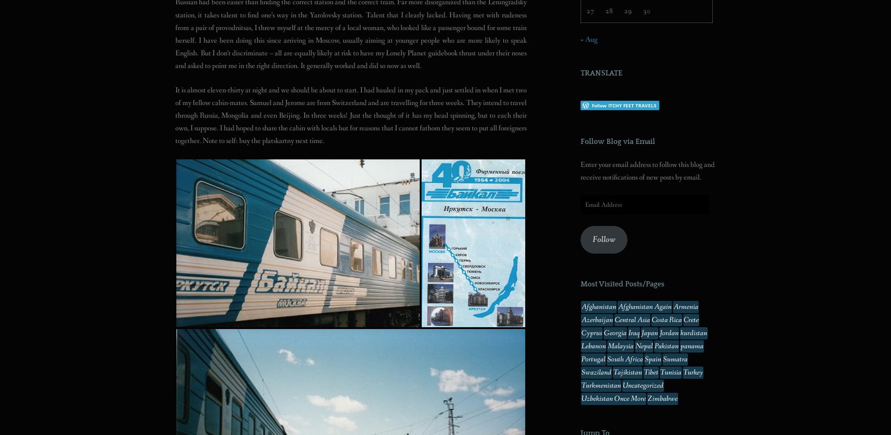 This screenshot has width=891, height=435. Describe the element at coordinates (613, 398) in the screenshot. I see `'Uzbekistan Once More'` at that location.